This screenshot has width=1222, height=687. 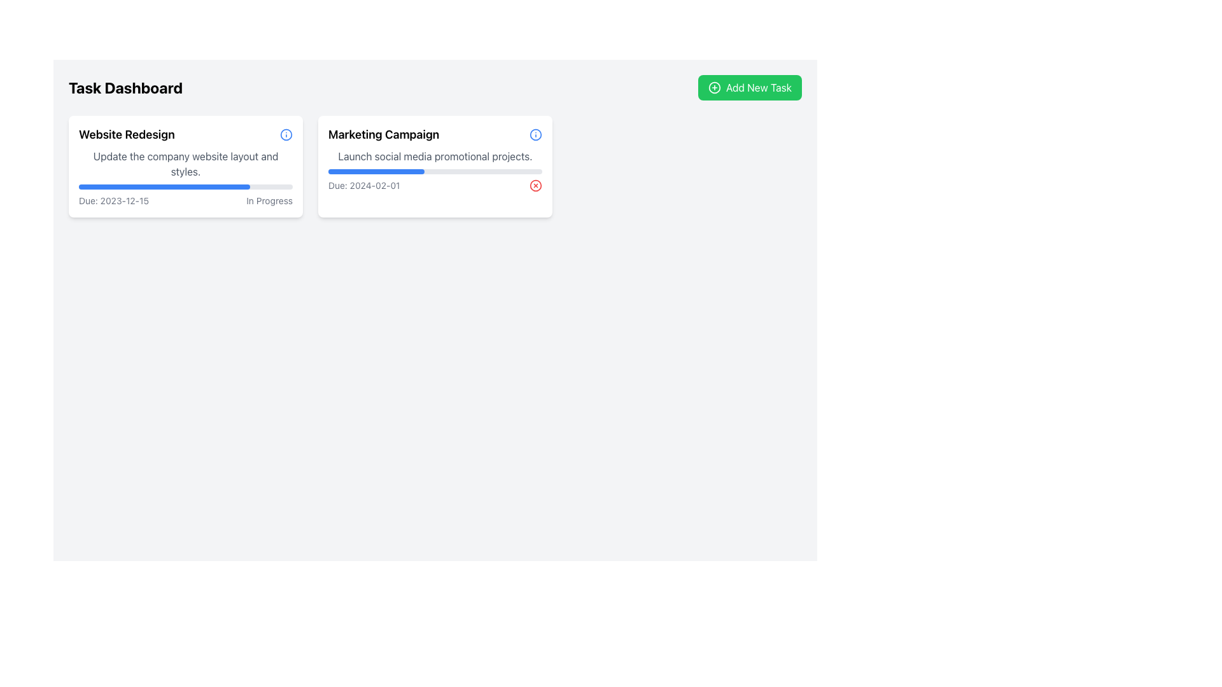 What do you see at coordinates (715, 87) in the screenshot?
I see `the decorative circle in the plus icon located to the left of the 'Add New Task' button` at bounding box center [715, 87].